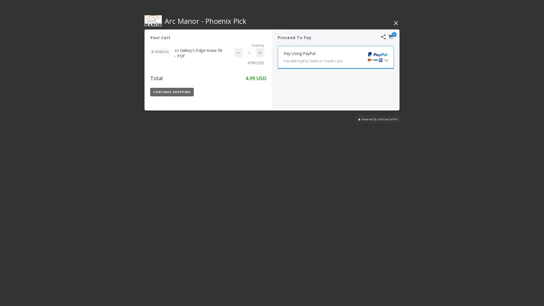 The height and width of the screenshot is (306, 544). Describe the element at coordinates (171, 92) in the screenshot. I see `CONTINUE SHOPPING` at that location.